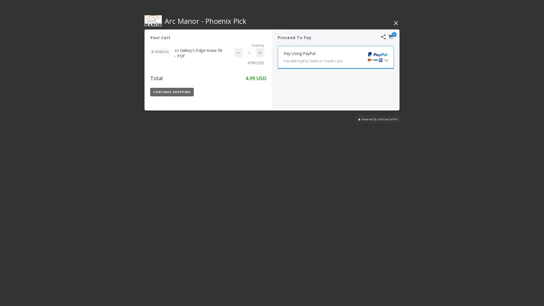 The height and width of the screenshot is (306, 544). Describe the element at coordinates (171, 92) in the screenshot. I see `CONTINUE SHOPPING` at that location.